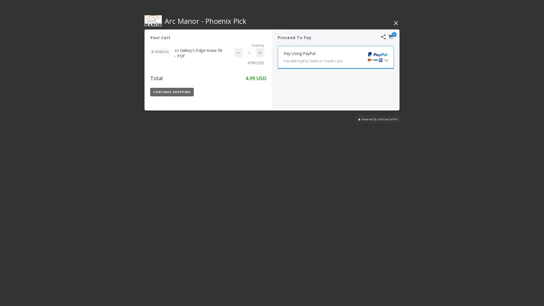 The height and width of the screenshot is (306, 544). Describe the element at coordinates (171, 92) in the screenshot. I see `CONTINUE SHOPPING` at that location.